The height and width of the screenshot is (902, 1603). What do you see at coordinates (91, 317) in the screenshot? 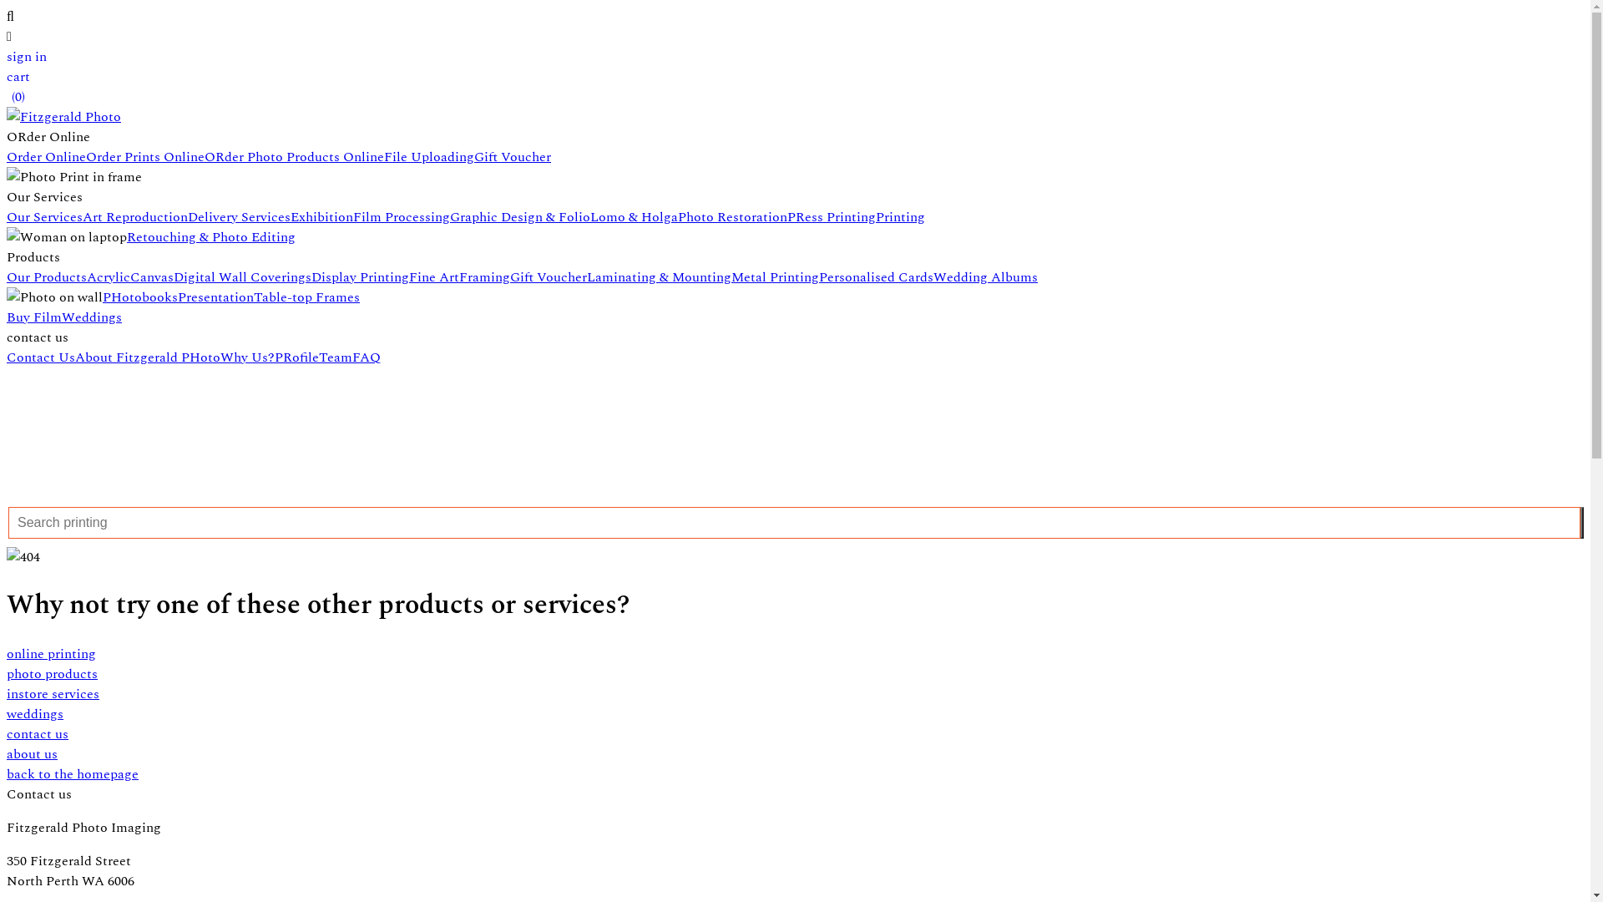
I see `'Weddings'` at bounding box center [91, 317].